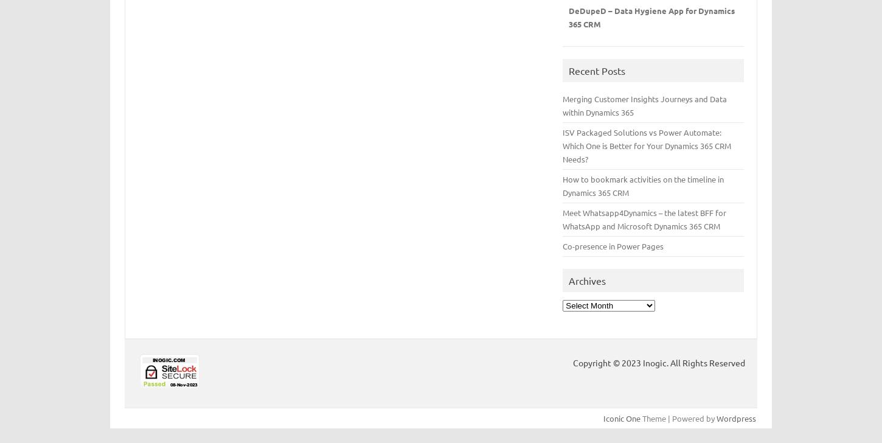 The width and height of the screenshot is (882, 443). What do you see at coordinates (643, 185) in the screenshot?
I see `'How to bookmark activities on the timeline in Dynamics 365 CRM'` at bounding box center [643, 185].